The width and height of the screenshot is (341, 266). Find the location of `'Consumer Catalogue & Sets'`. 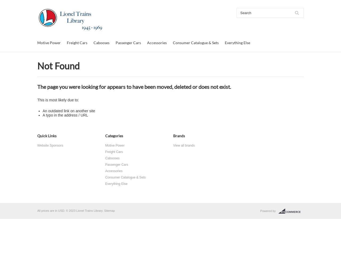

'Consumer Catalogue & Sets' is located at coordinates (195, 43).